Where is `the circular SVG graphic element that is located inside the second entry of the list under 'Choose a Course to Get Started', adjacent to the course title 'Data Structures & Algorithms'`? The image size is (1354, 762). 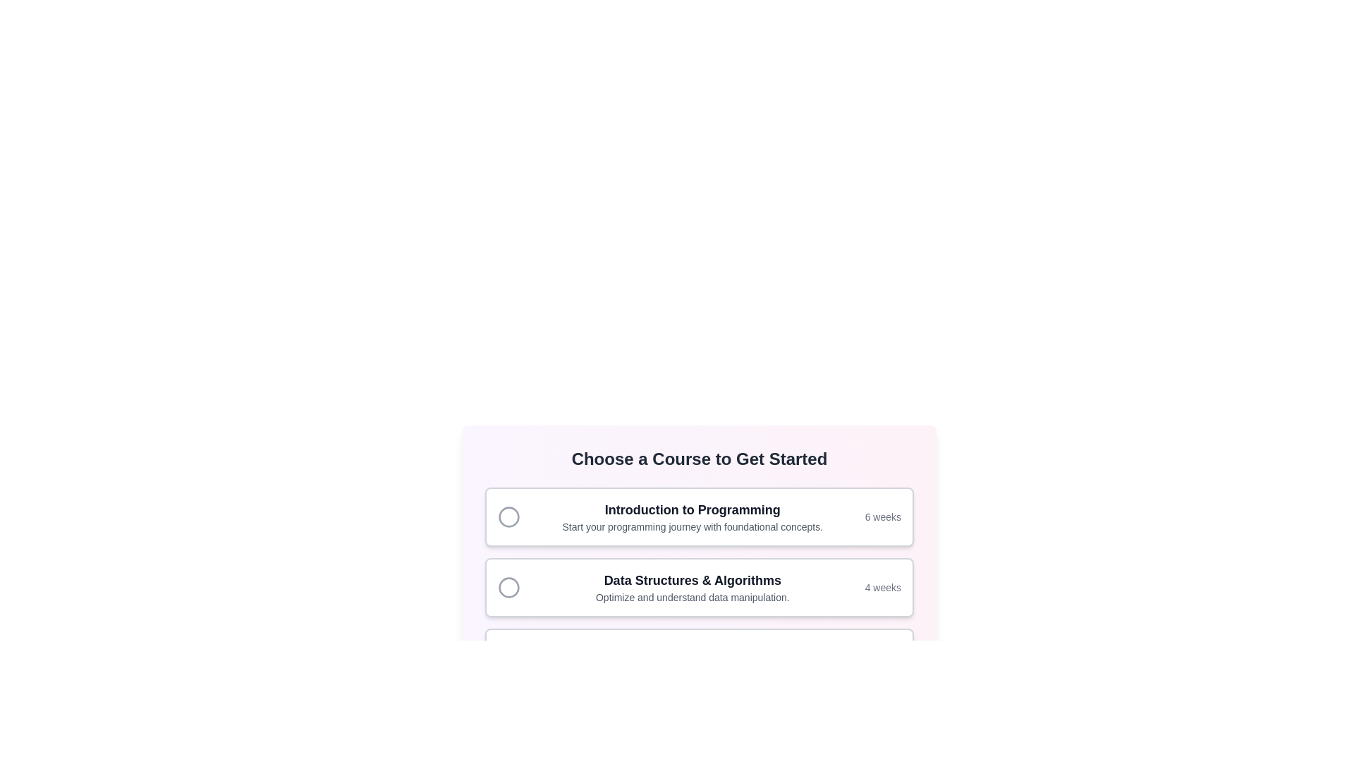
the circular SVG graphic element that is located inside the second entry of the list under 'Choose a Course to Get Started', adjacent to the course title 'Data Structures & Algorithms' is located at coordinates (508, 588).